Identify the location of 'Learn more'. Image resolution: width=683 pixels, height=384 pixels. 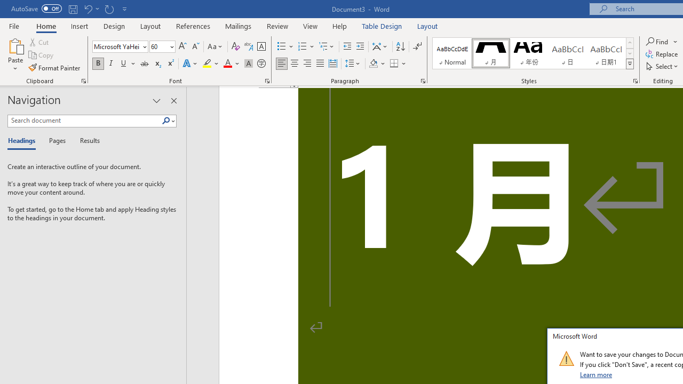
(596, 374).